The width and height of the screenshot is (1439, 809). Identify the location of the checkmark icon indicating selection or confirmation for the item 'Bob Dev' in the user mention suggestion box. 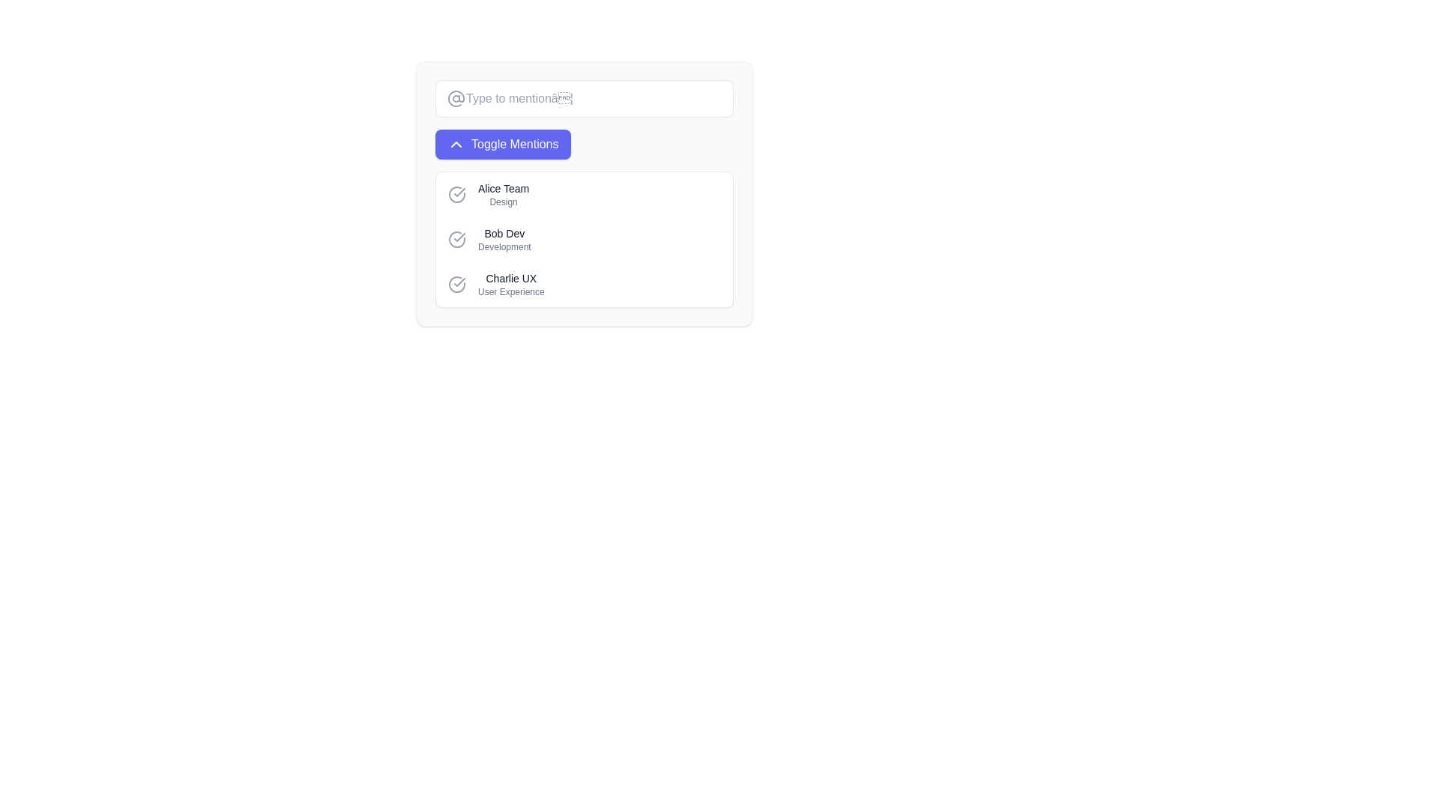
(459, 192).